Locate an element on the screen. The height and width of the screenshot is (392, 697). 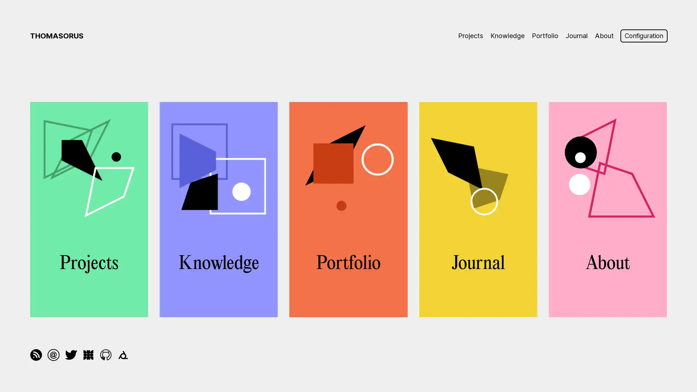
Configuration is located at coordinates (641, 36).